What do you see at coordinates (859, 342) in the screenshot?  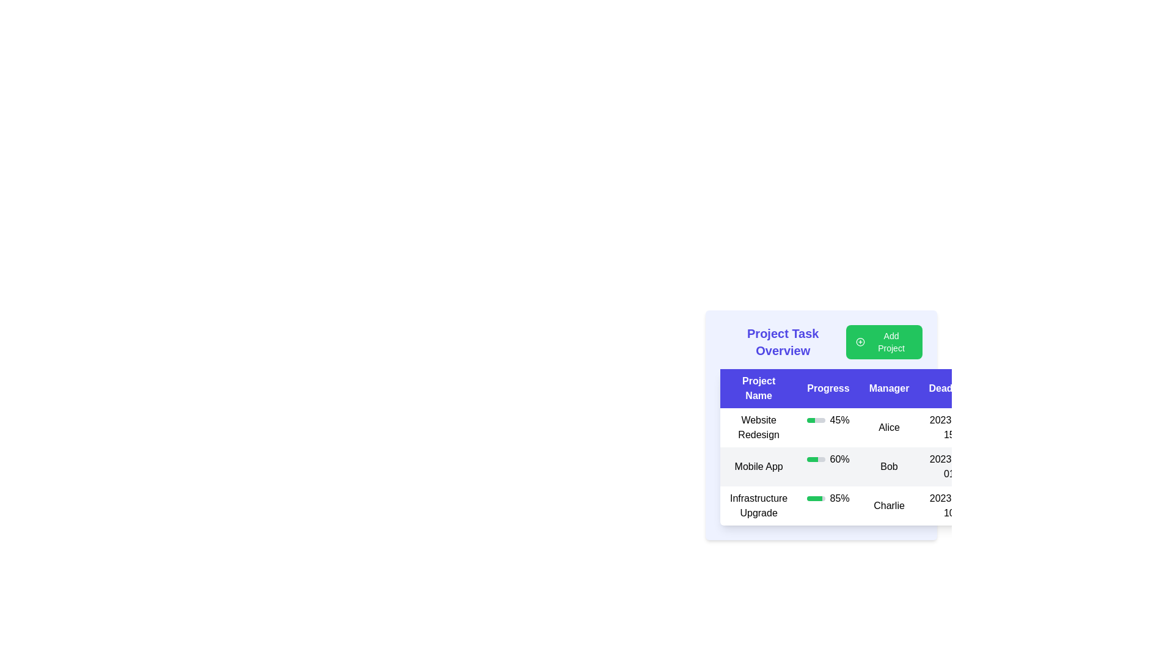 I see `the green plus sign icon located to the left of the 'Add Project' button in the top-right corner of the 'Project Task Overview' section` at bounding box center [859, 342].